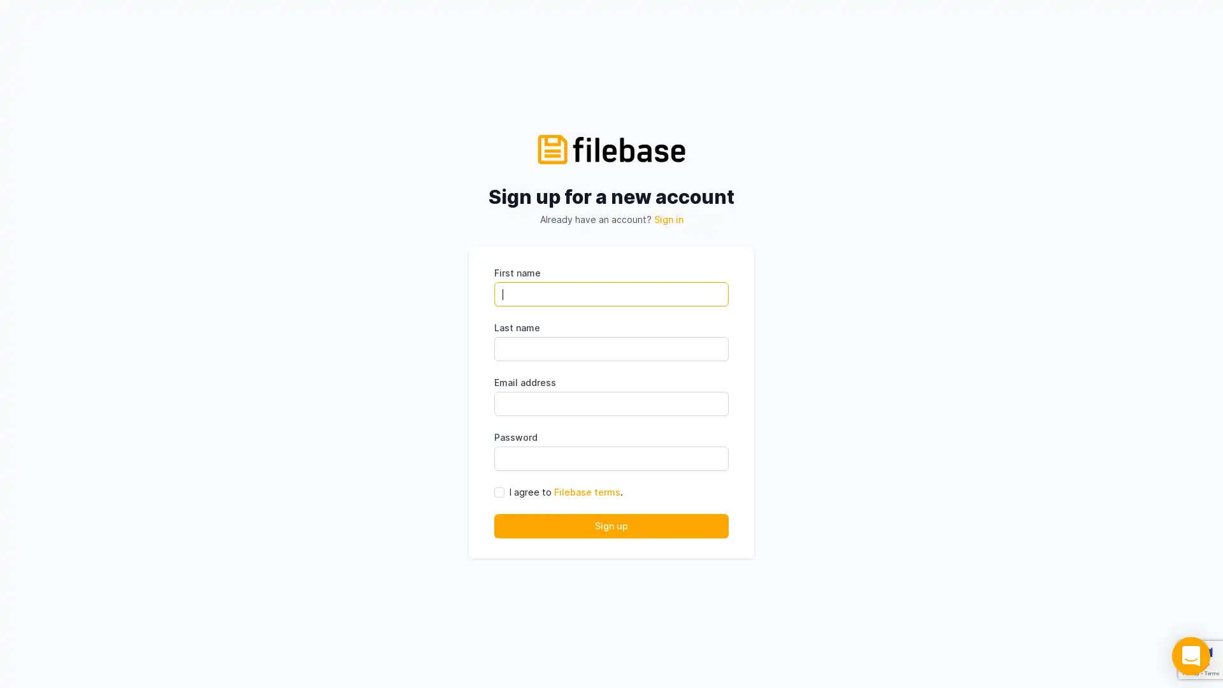 The height and width of the screenshot is (688, 1223). Describe the element at coordinates (611, 526) in the screenshot. I see `Sign up` at that location.